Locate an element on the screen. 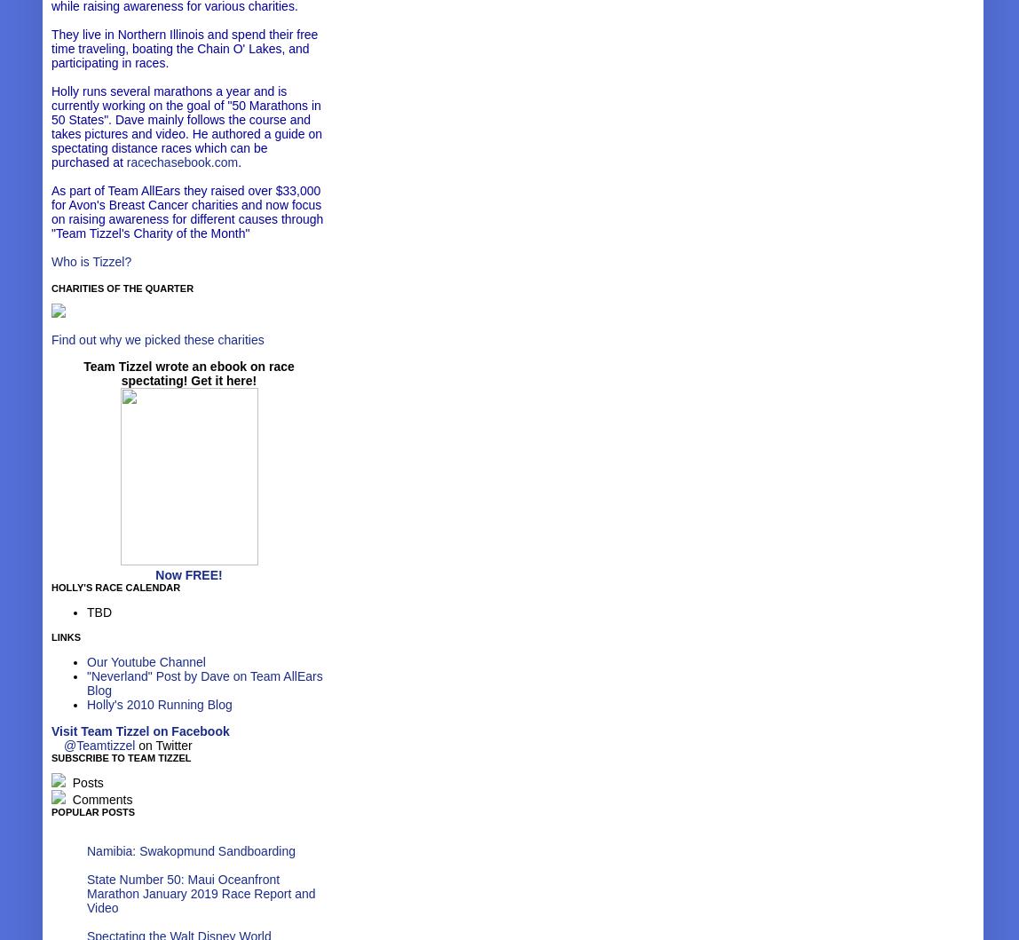 This screenshot has height=940, width=1019. 'Holly's Race Calendar' is located at coordinates (115, 587).